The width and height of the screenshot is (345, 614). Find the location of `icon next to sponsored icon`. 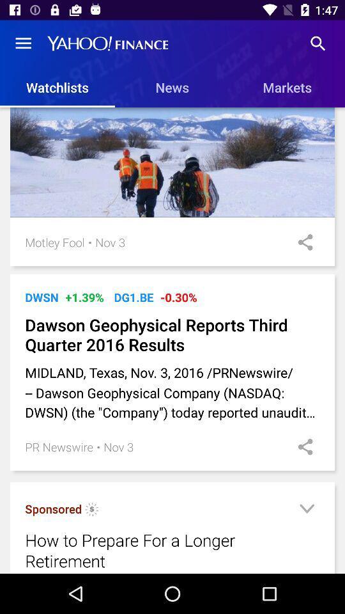

icon next to sponsored icon is located at coordinates (91, 511).